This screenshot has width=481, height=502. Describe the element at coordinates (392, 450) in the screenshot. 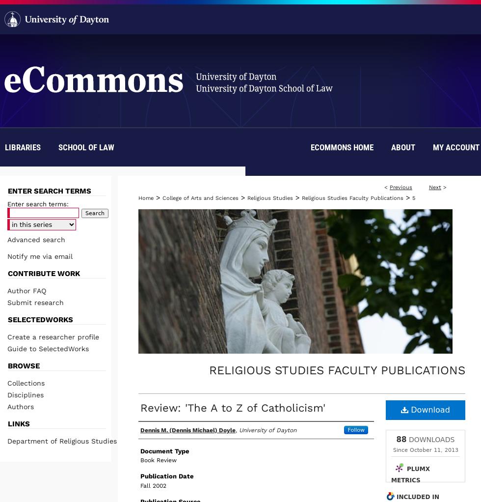

I see `'Since October 11, 2013'` at that location.